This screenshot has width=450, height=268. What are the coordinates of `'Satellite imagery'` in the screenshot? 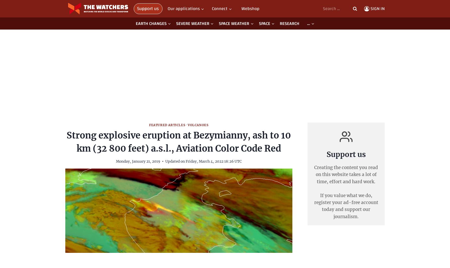 It's located at (82, 59).